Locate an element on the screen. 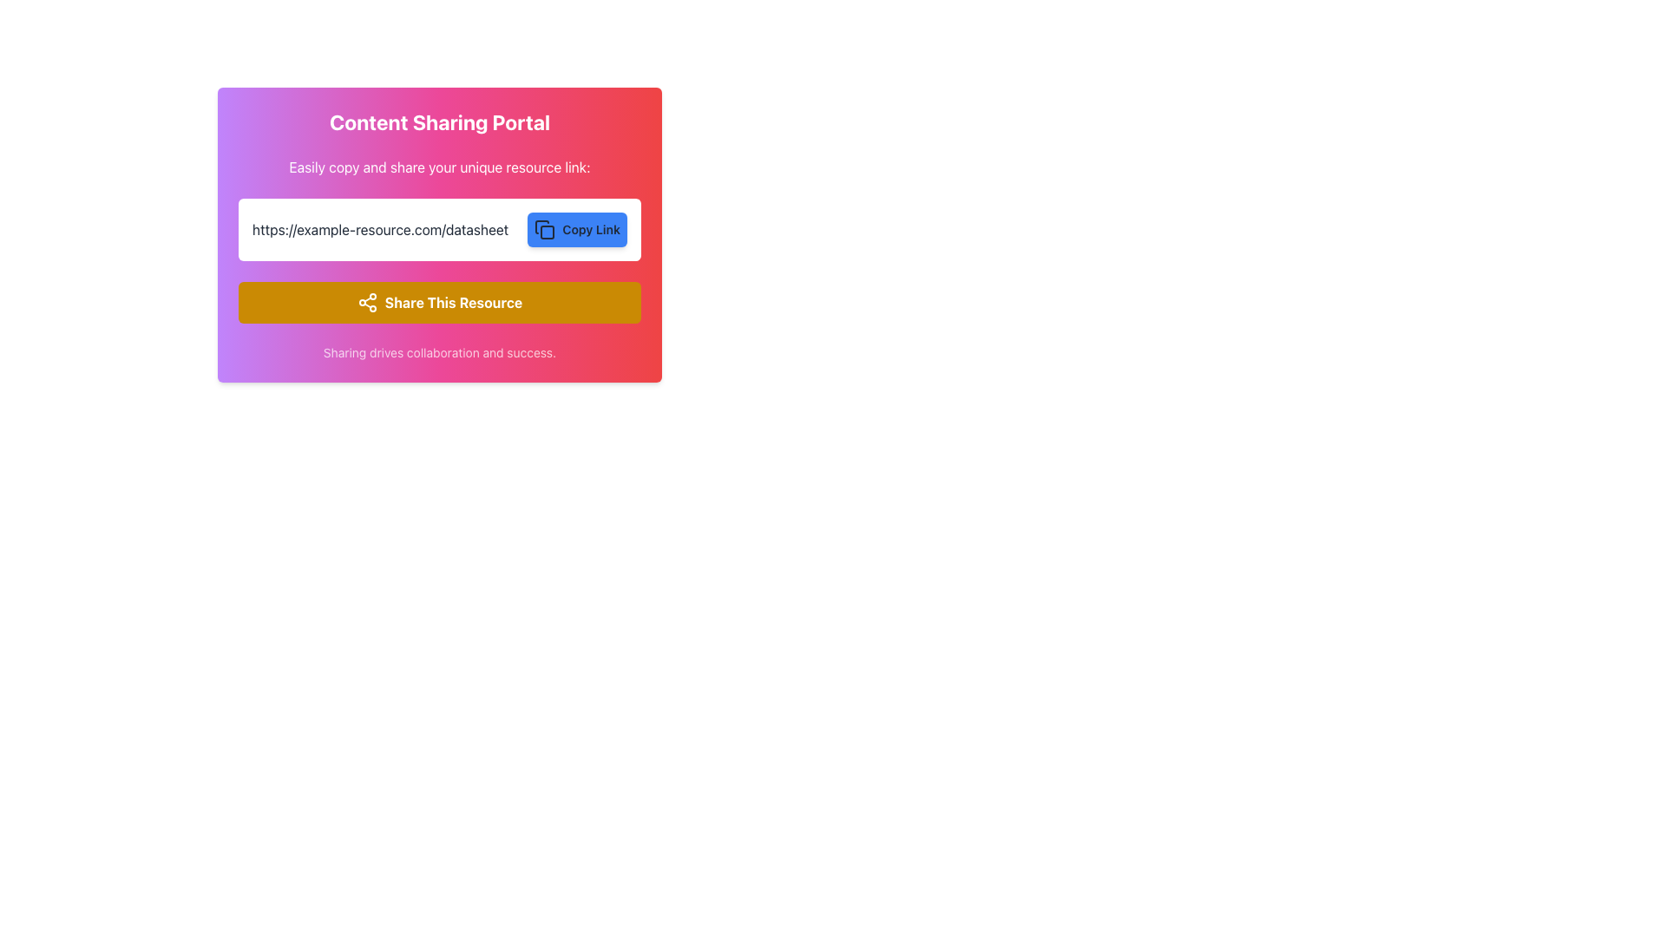 The width and height of the screenshot is (1666, 937). the 'Copy' icon, which resembles two overlapping rectangles, located within a blue button to the left of the 'Copy Link' text is located at coordinates (544, 229).